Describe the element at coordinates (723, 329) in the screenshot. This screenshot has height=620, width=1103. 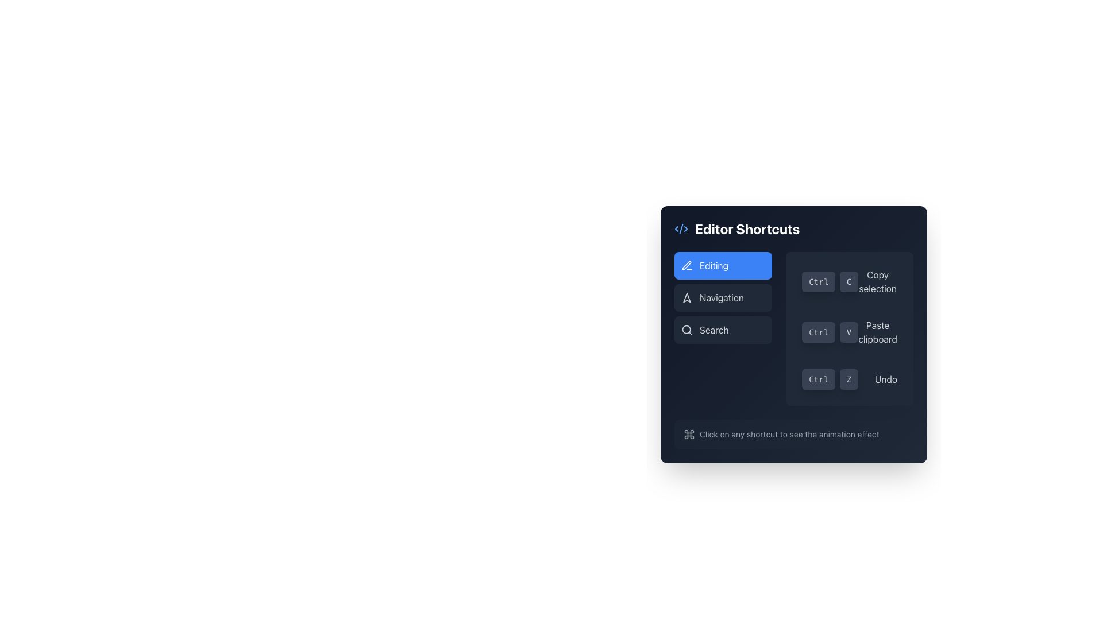
I see `the vertical navigation menu panel containing items labeled 'Editing', 'Navigation', and 'Search' for keyboard navigation` at that location.